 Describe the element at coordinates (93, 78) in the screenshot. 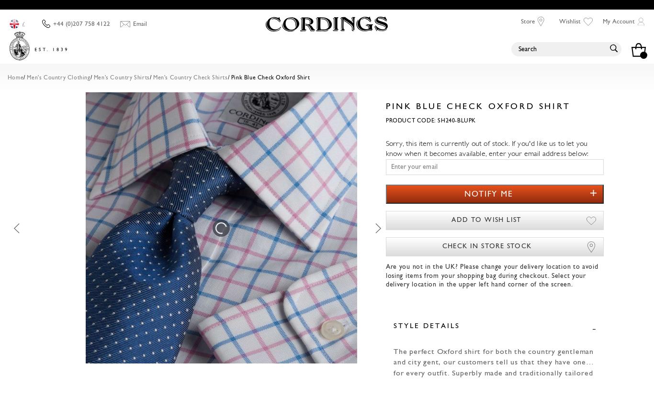

I see `'Men's Country Shirts'` at that location.